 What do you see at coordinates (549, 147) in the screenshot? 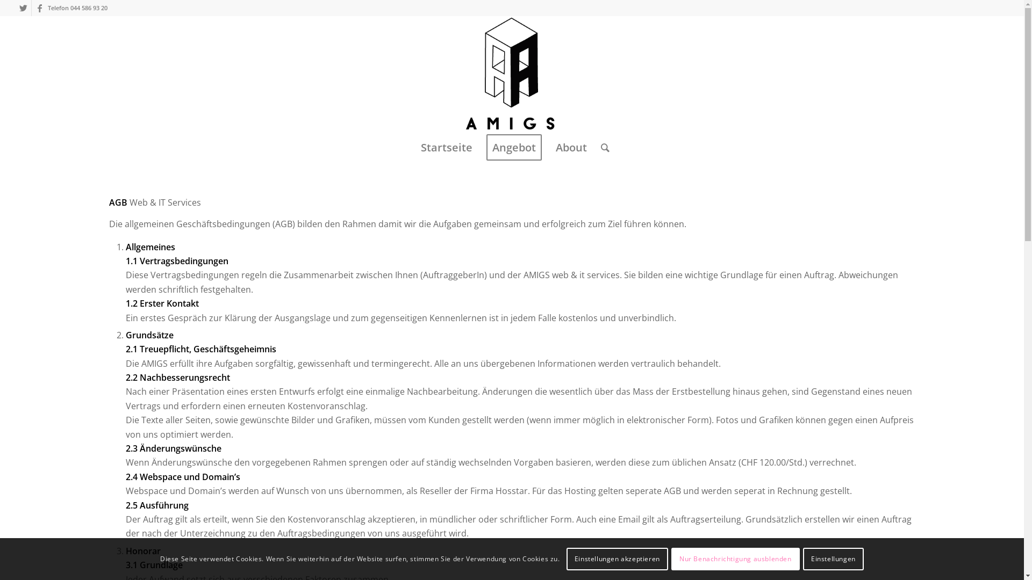
I see `'About'` at bounding box center [549, 147].